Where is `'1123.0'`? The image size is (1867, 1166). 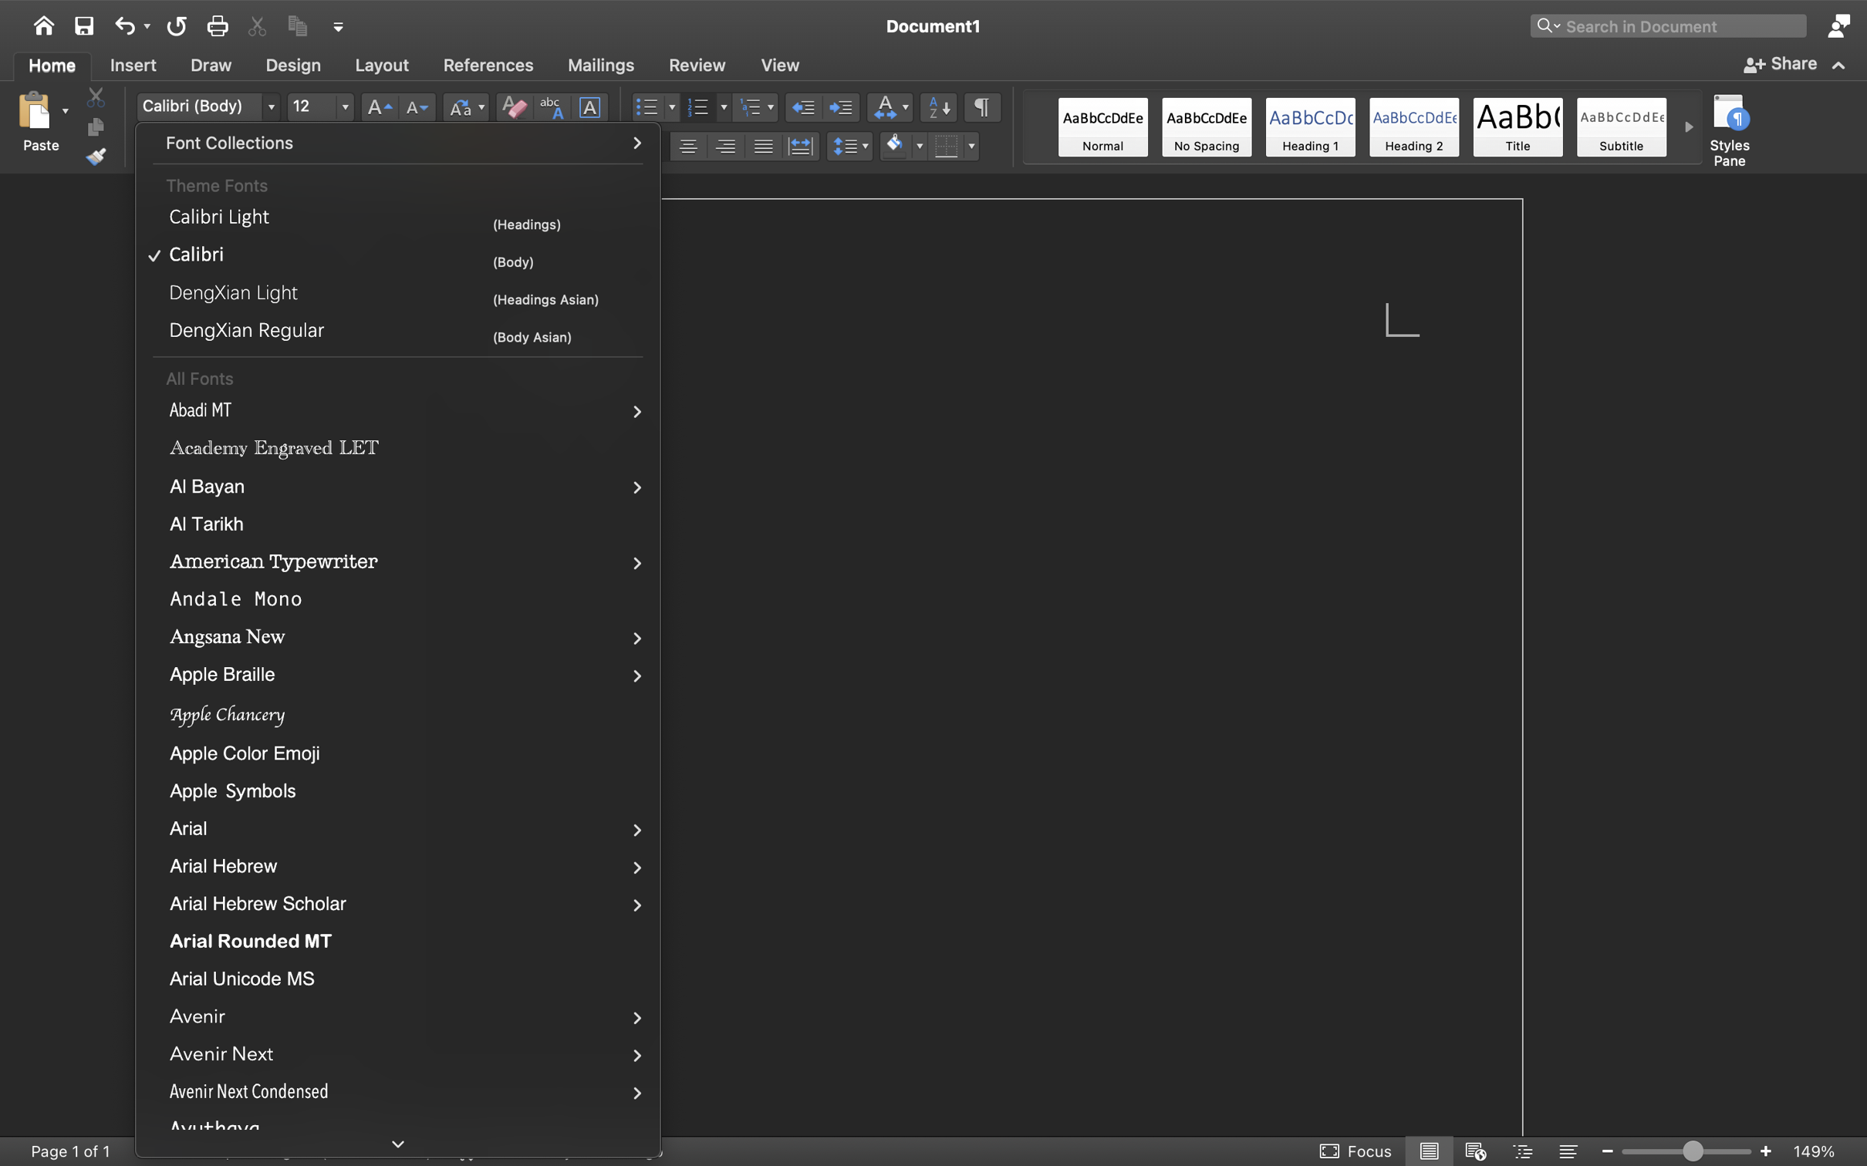
'1123.0' is located at coordinates (1686, 1150).